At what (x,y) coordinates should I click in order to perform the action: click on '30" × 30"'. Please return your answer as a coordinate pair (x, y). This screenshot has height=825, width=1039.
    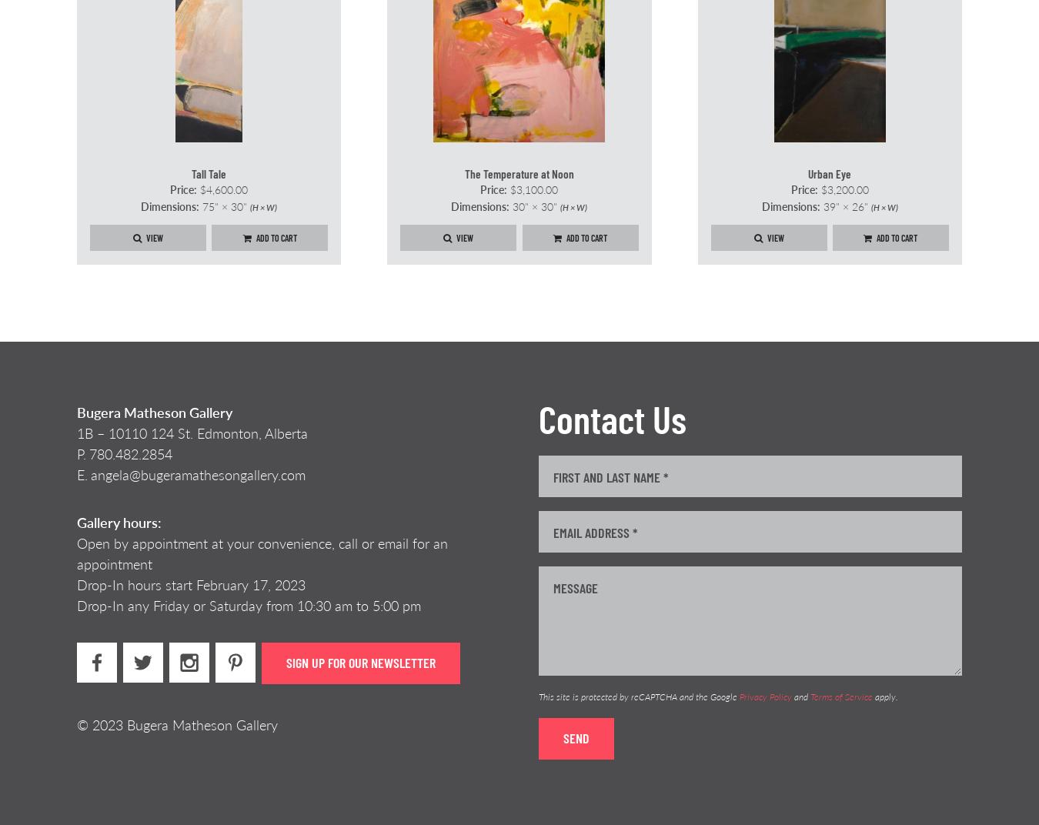
    Looking at the image, I should click on (533, 206).